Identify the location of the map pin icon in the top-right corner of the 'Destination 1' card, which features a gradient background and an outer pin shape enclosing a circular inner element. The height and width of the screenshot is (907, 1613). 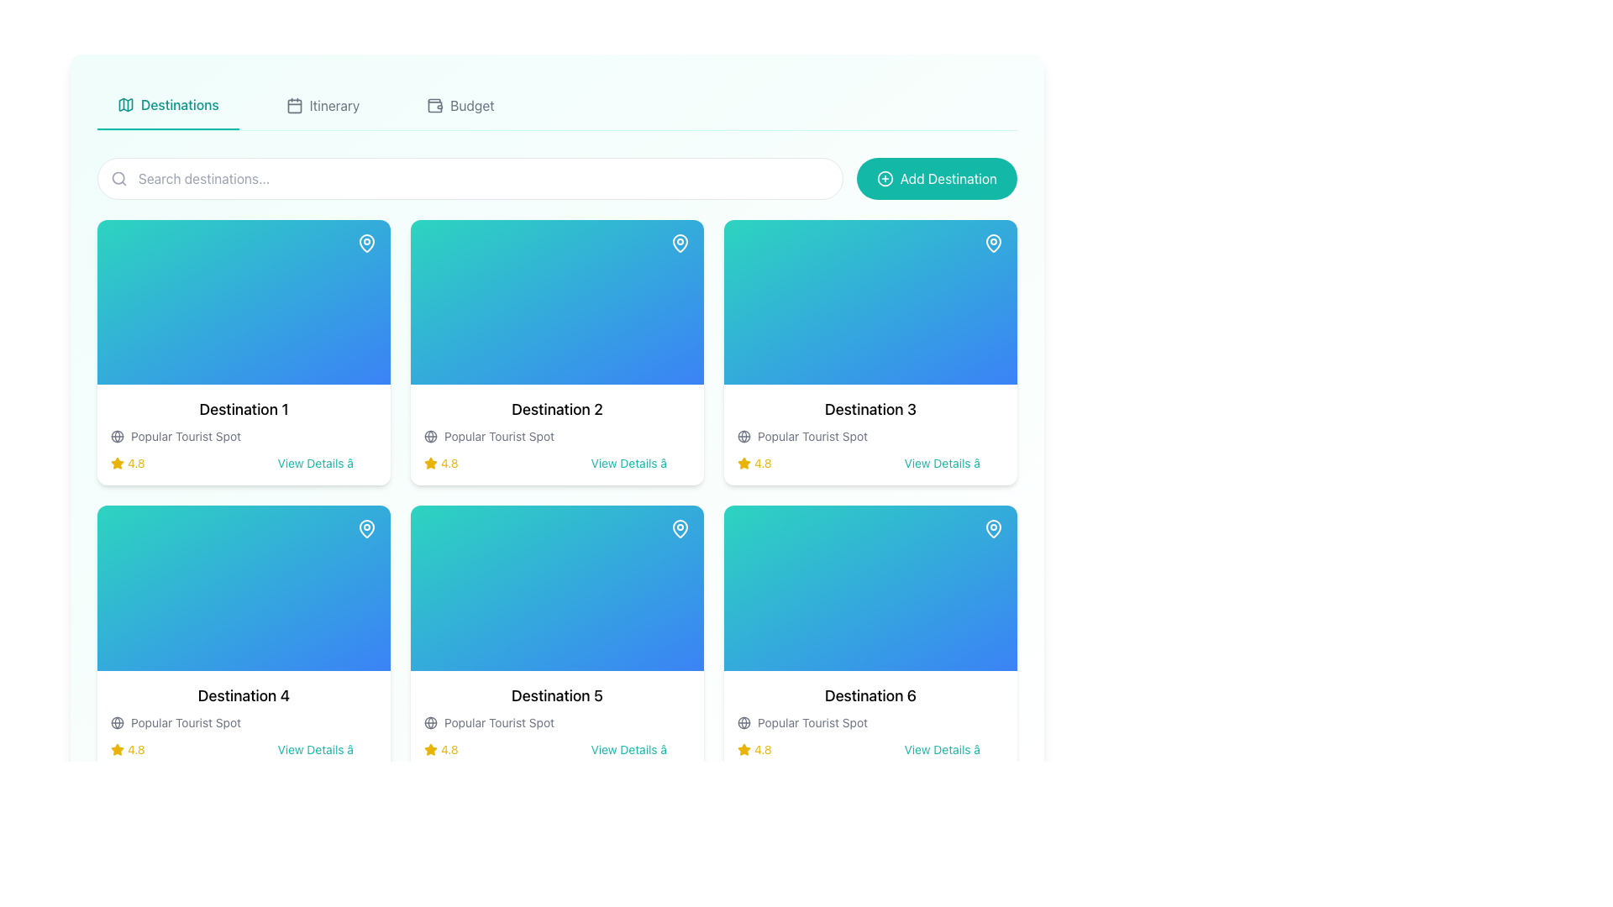
(365, 243).